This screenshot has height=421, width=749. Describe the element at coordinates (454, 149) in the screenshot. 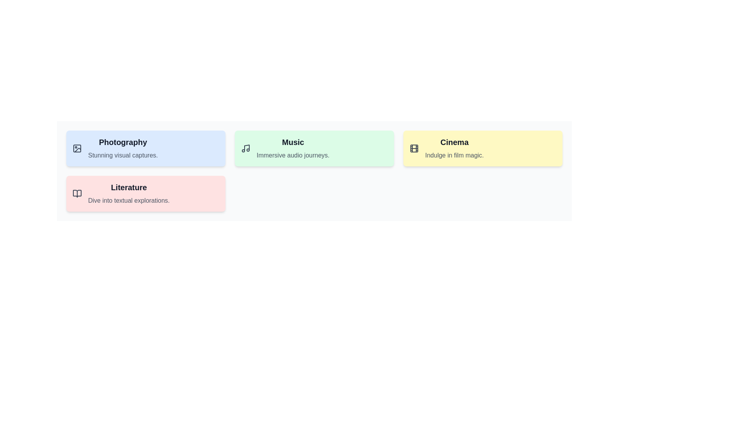

I see `the descriptive card titled 'Cinema' which features a bold title and a subtitle, located in a grid layout between the 'Music' card and an undefined space` at that location.